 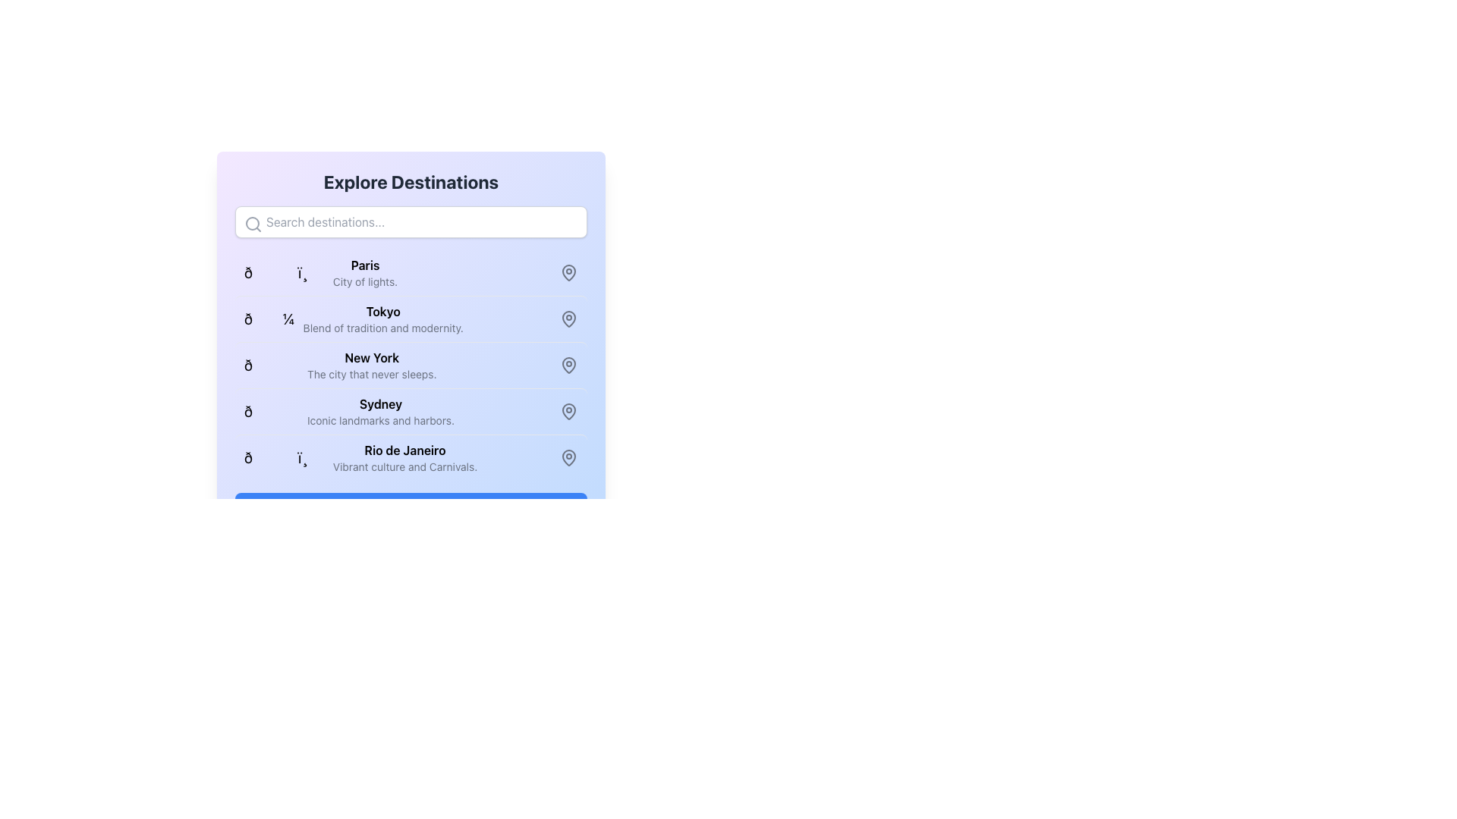 What do you see at coordinates (411, 456) in the screenshot?
I see `the fifth list item representing Rio de Janeiro in the 'Explore Destinations' section to trigger the visual highlight effect` at bounding box center [411, 456].